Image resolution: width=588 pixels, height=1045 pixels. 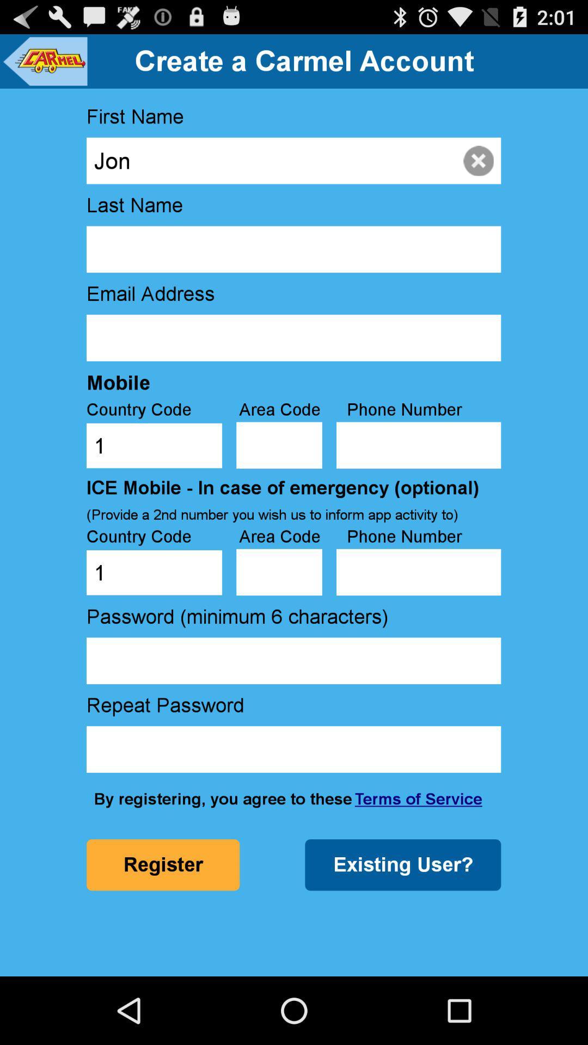 What do you see at coordinates (293, 660) in the screenshot?
I see `text box which is below the passwordminimum 6 characters` at bounding box center [293, 660].